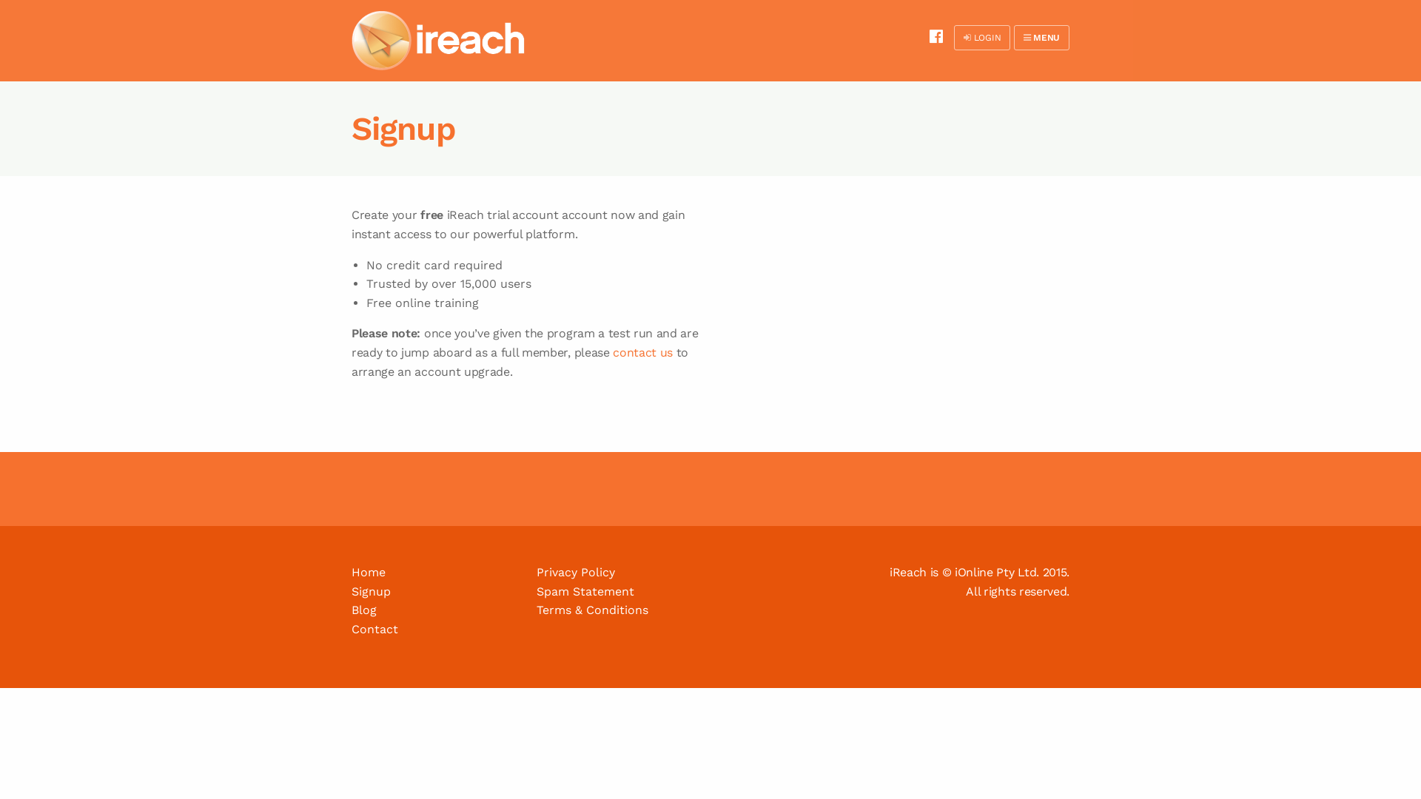  Describe the element at coordinates (535, 610) in the screenshot. I see `'Terms & Conditions'` at that location.